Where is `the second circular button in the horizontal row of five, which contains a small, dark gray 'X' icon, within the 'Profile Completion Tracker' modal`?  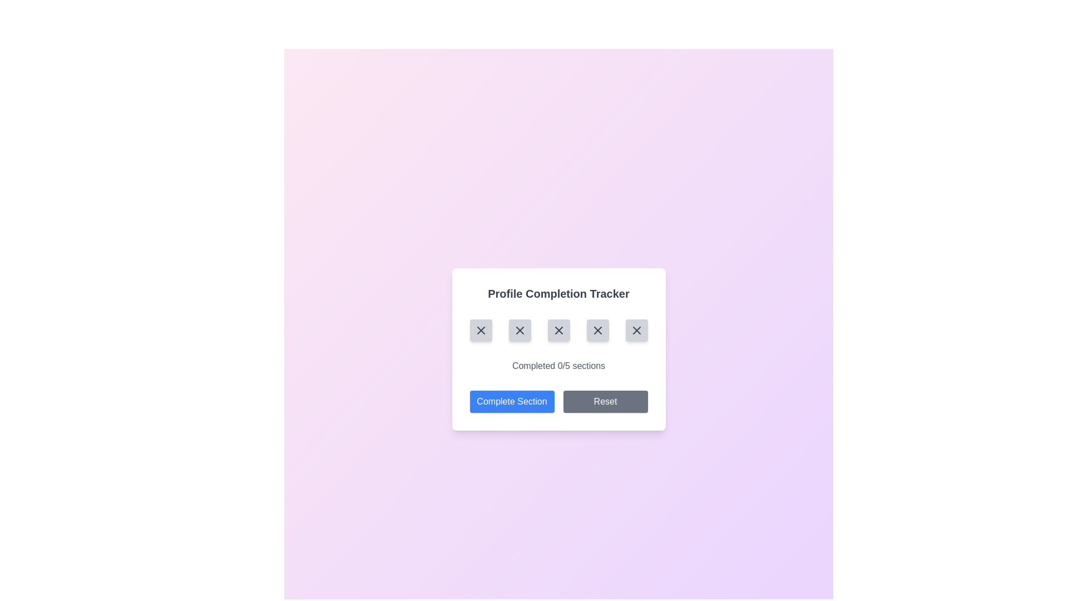
the second circular button in the horizontal row of five, which contains a small, dark gray 'X' icon, within the 'Profile Completion Tracker' modal is located at coordinates (519, 330).